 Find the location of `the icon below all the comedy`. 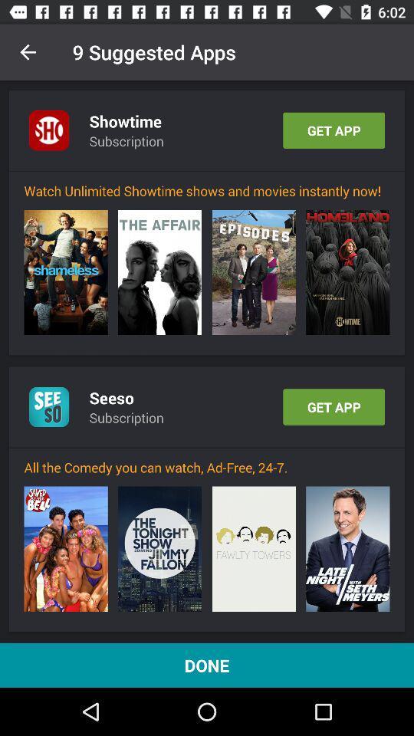

the icon below all the comedy is located at coordinates (254, 549).